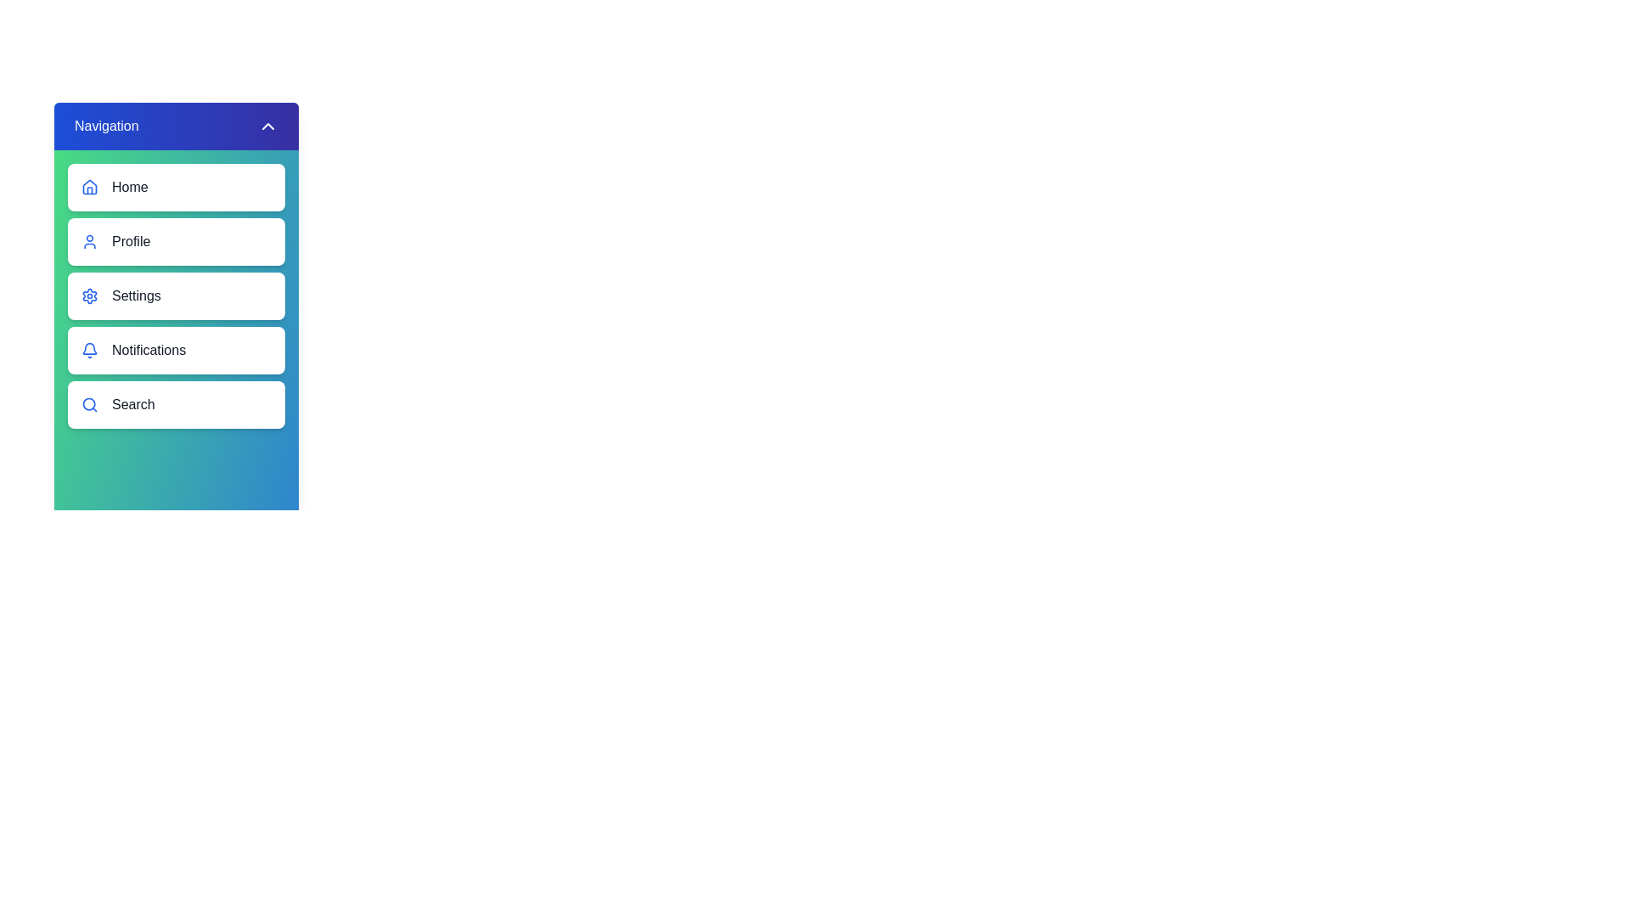 This screenshot has height=917, width=1630. Describe the element at coordinates (176, 187) in the screenshot. I see `the 'Home' navigation button located at the top of the sidebar menu` at that location.